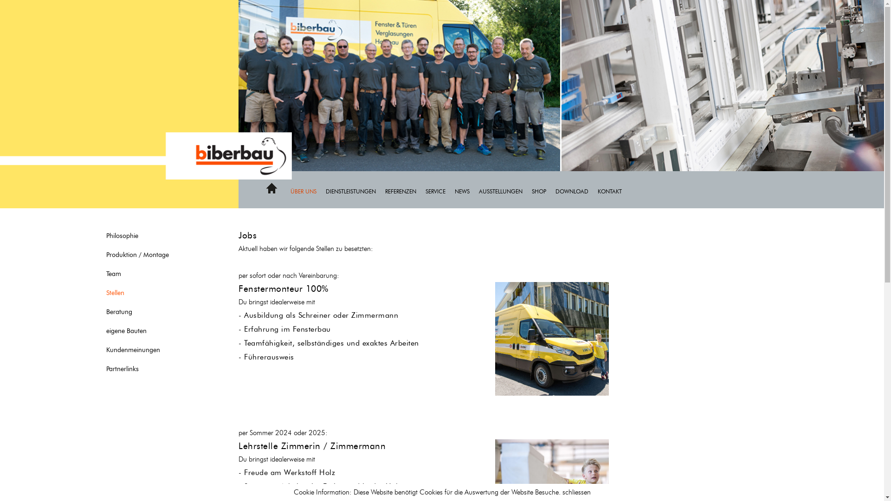 This screenshot has width=891, height=501. What do you see at coordinates (147, 312) in the screenshot?
I see `'Beratung'` at bounding box center [147, 312].